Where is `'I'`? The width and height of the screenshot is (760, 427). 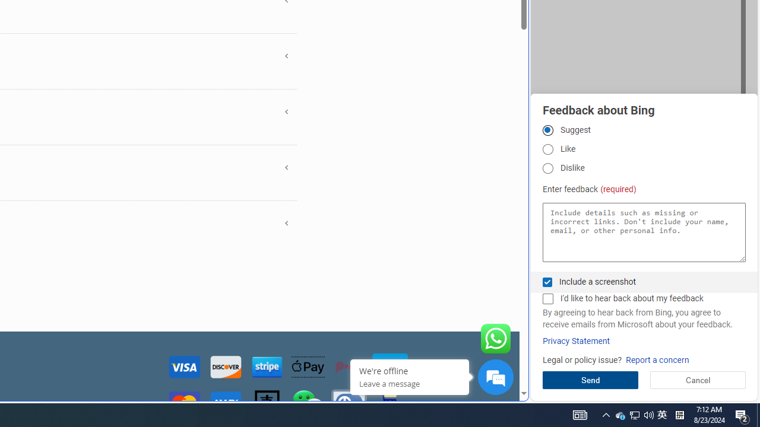 'I' is located at coordinates (547, 298).